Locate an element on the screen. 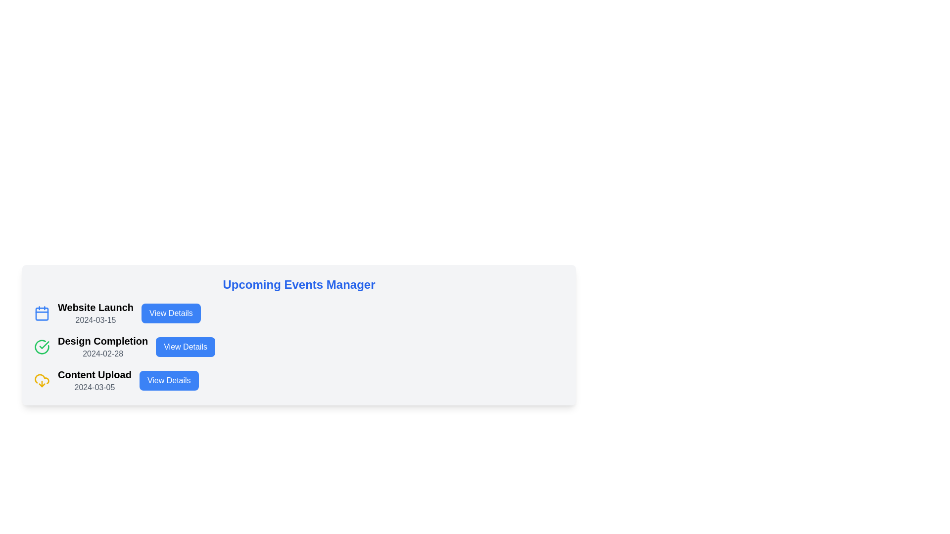 The width and height of the screenshot is (950, 534). the 'Content Upload' event information display, which is the third item in a vertical list of upcoming events is located at coordinates (95, 380).